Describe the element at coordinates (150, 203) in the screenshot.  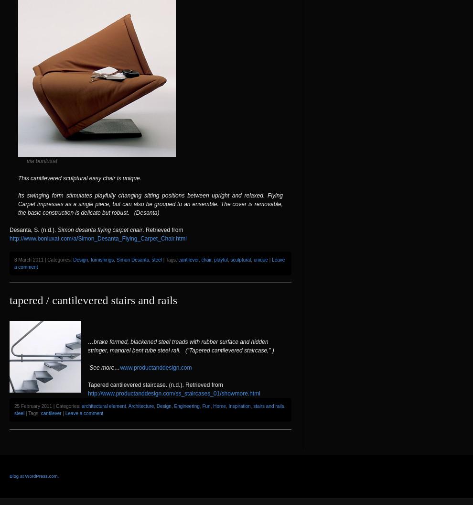
I see `'Its swinging form stimulates playfully changing sitting positions between upright and relaxed. Flying Carpet impresses as a single piece, but can also be grouped to an ensemble. The cover is removable, the basic construction is delicate but robust.   (Desanta)'` at that location.